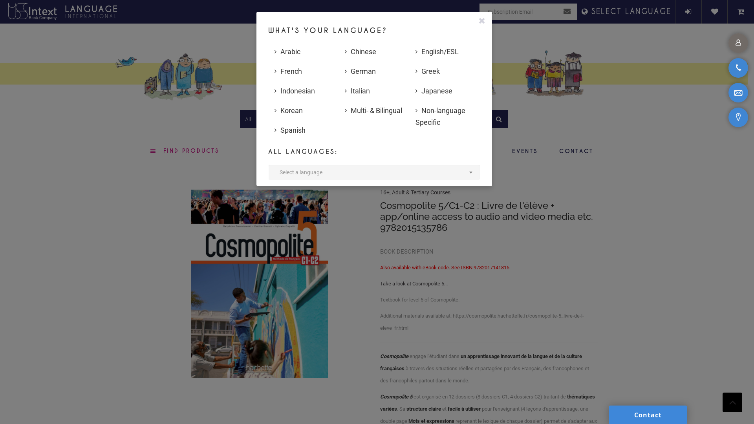 The width and height of the screenshot is (754, 424). Describe the element at coordinates (626, 11) in the screenshot. I see `'SELECT LANGUAGE'` at that location.